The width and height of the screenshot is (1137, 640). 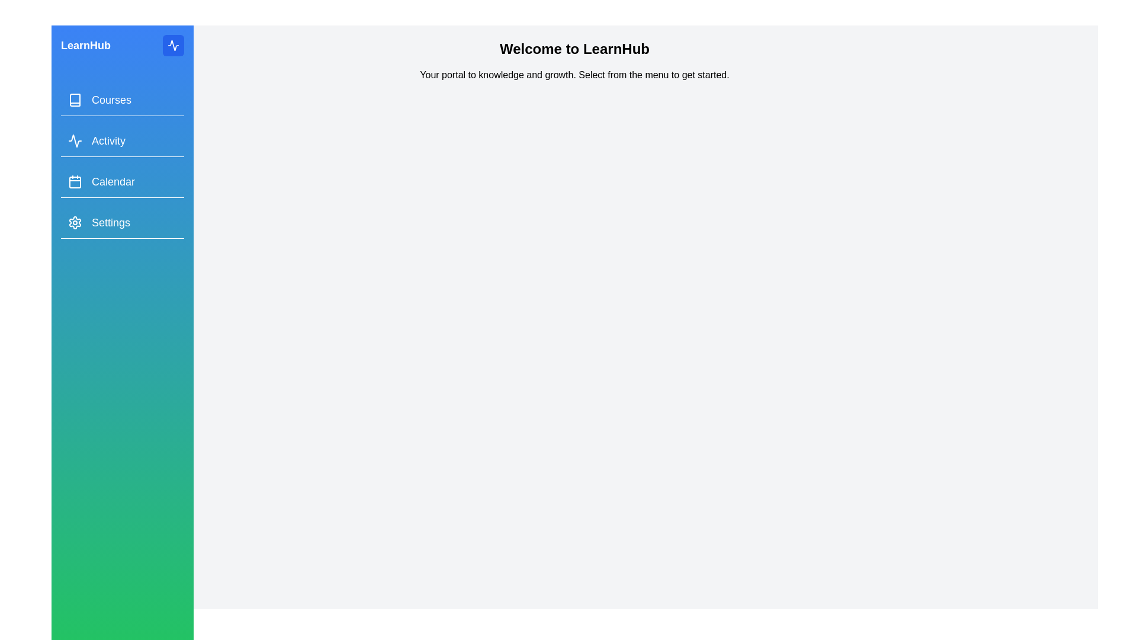 I want to click on the menu item Courses from the drawer, so click(x=122, y=100).